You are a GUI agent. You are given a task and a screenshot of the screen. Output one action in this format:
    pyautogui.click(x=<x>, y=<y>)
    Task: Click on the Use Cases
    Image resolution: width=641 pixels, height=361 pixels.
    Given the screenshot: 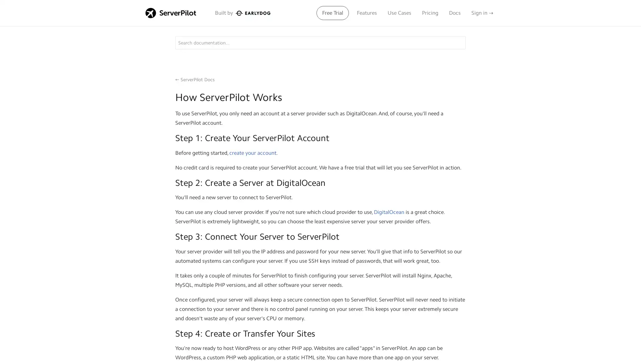 What is the action you would take?
    pyautogui.click(x=399, y=13)
    